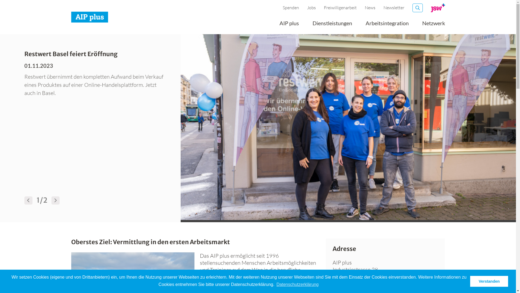  Describe the element at coordinates (340, 7) in the screenshot. I see `'Freiwilligenarbeit'` at that location.